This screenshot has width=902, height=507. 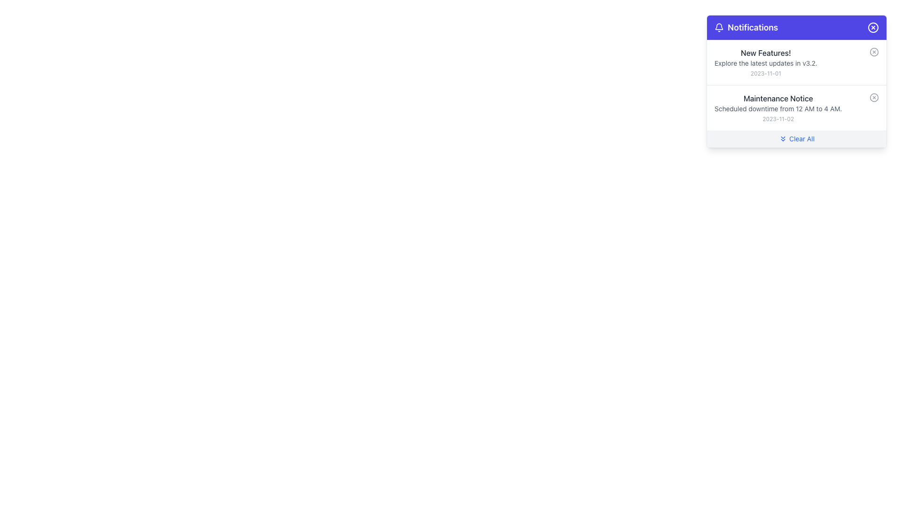 What do you see at coordinates (778, 98) in the screenshot?
I see `and understand the text of the 'Maintenance Notice' label, which is styled with a bold font weight and dark gray color, prominently displayed in the notification section` at bounding box center [778, 98].